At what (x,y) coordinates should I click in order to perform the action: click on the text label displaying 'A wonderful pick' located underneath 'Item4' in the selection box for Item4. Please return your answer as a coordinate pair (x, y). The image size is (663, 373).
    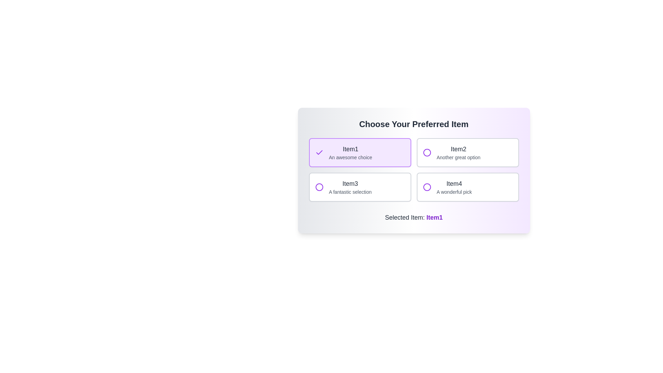
    Looking at the image, I should click on (454, 192).